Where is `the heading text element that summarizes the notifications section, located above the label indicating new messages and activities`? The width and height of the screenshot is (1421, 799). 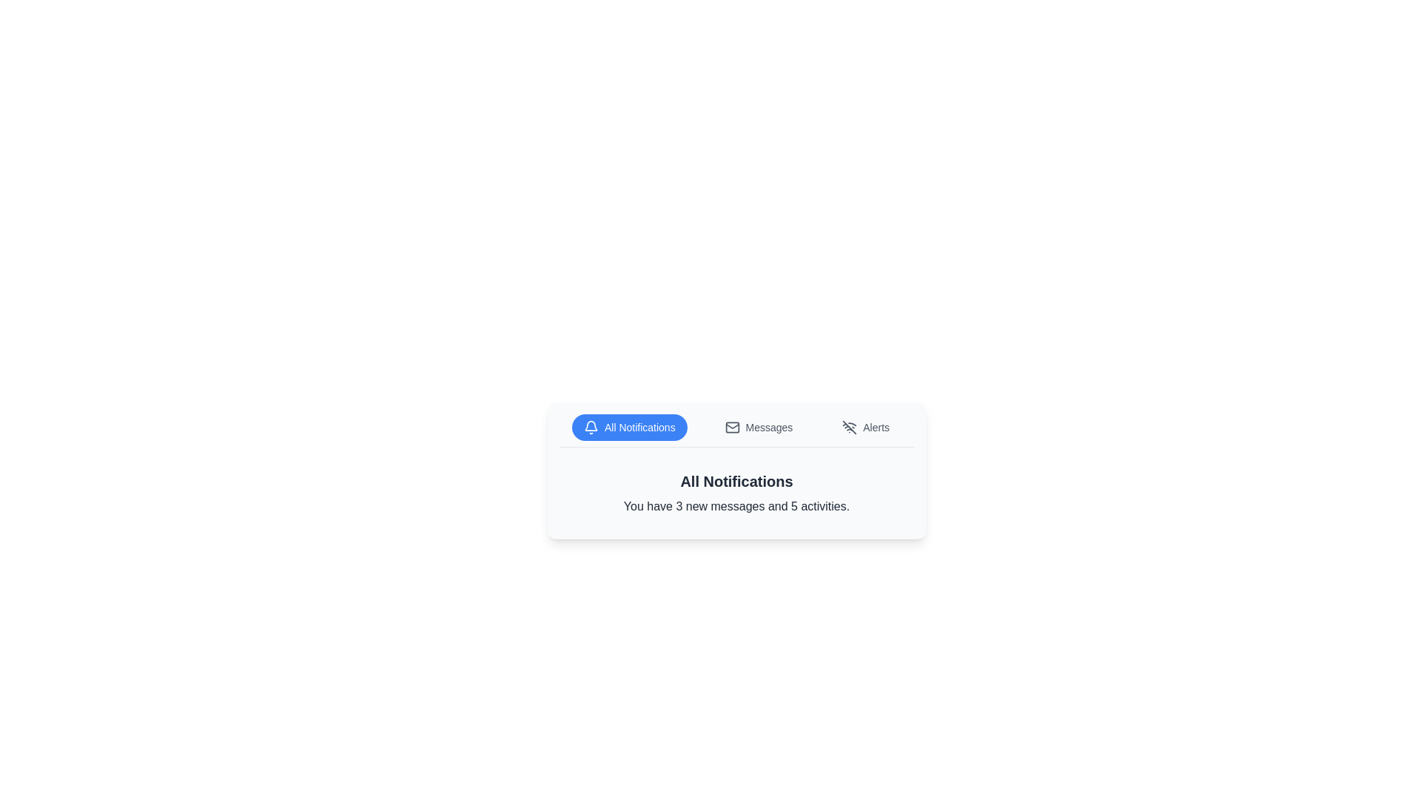
the heading text element that summarizes the notifications section, located above the label indicating new messages and activities is located at coordinates (736, 482).